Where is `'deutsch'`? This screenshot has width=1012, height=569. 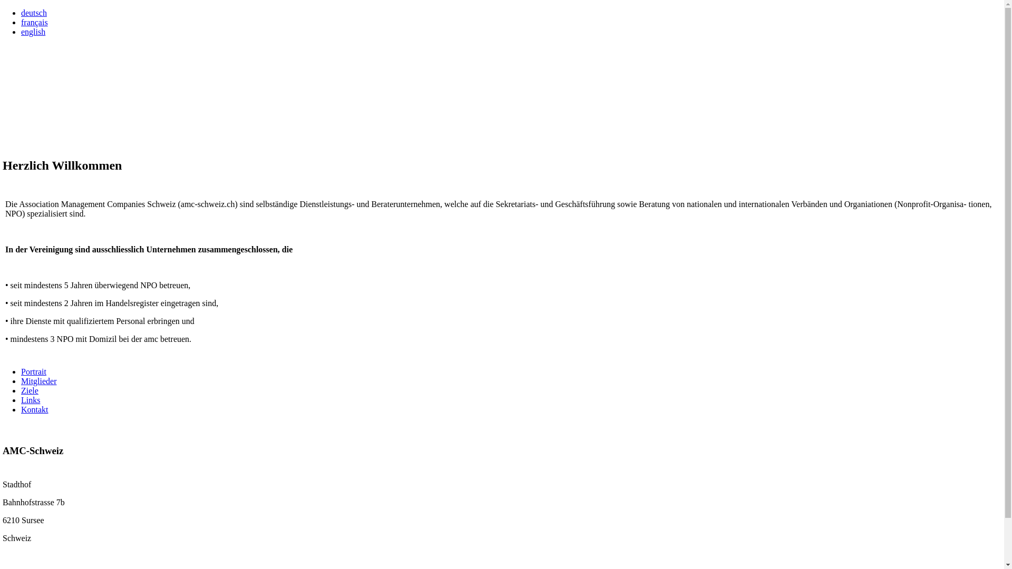 'deutsch' is located at coordinates (21, 13).